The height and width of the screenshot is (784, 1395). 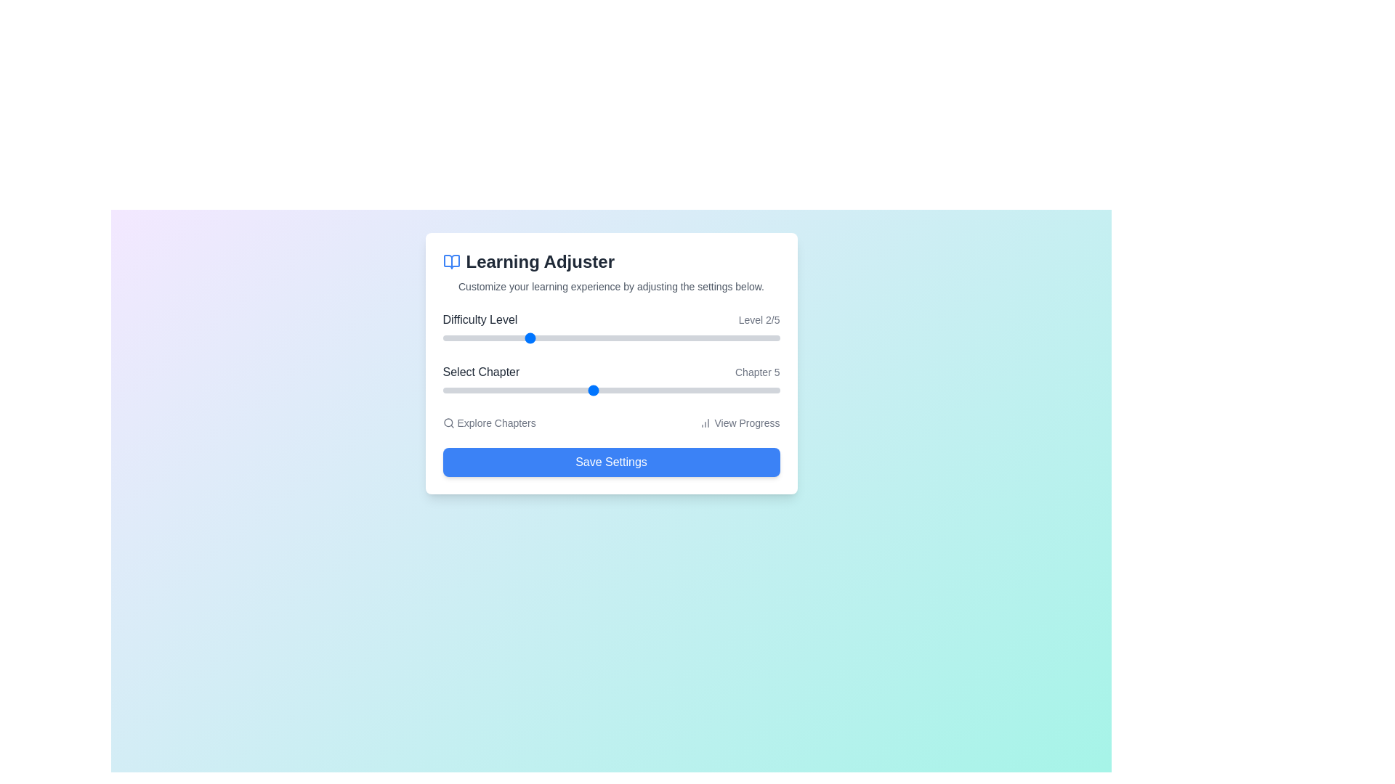 What do you see at coordinates (695, 338) in the screenshot?
I see `the difficulty level` at bounding box center [695, 338].